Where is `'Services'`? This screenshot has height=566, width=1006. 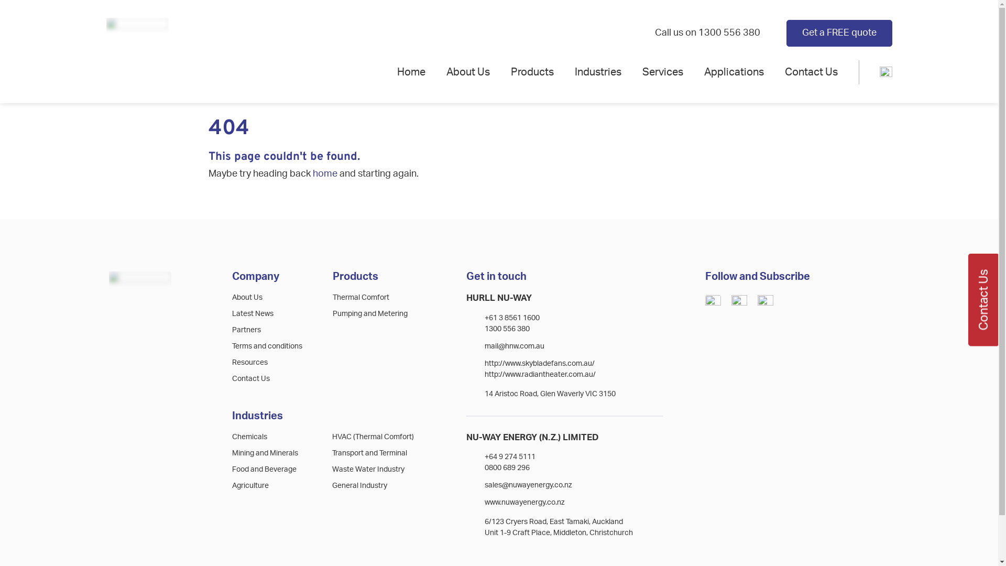 'Services' is located at coordinates (662, 72).